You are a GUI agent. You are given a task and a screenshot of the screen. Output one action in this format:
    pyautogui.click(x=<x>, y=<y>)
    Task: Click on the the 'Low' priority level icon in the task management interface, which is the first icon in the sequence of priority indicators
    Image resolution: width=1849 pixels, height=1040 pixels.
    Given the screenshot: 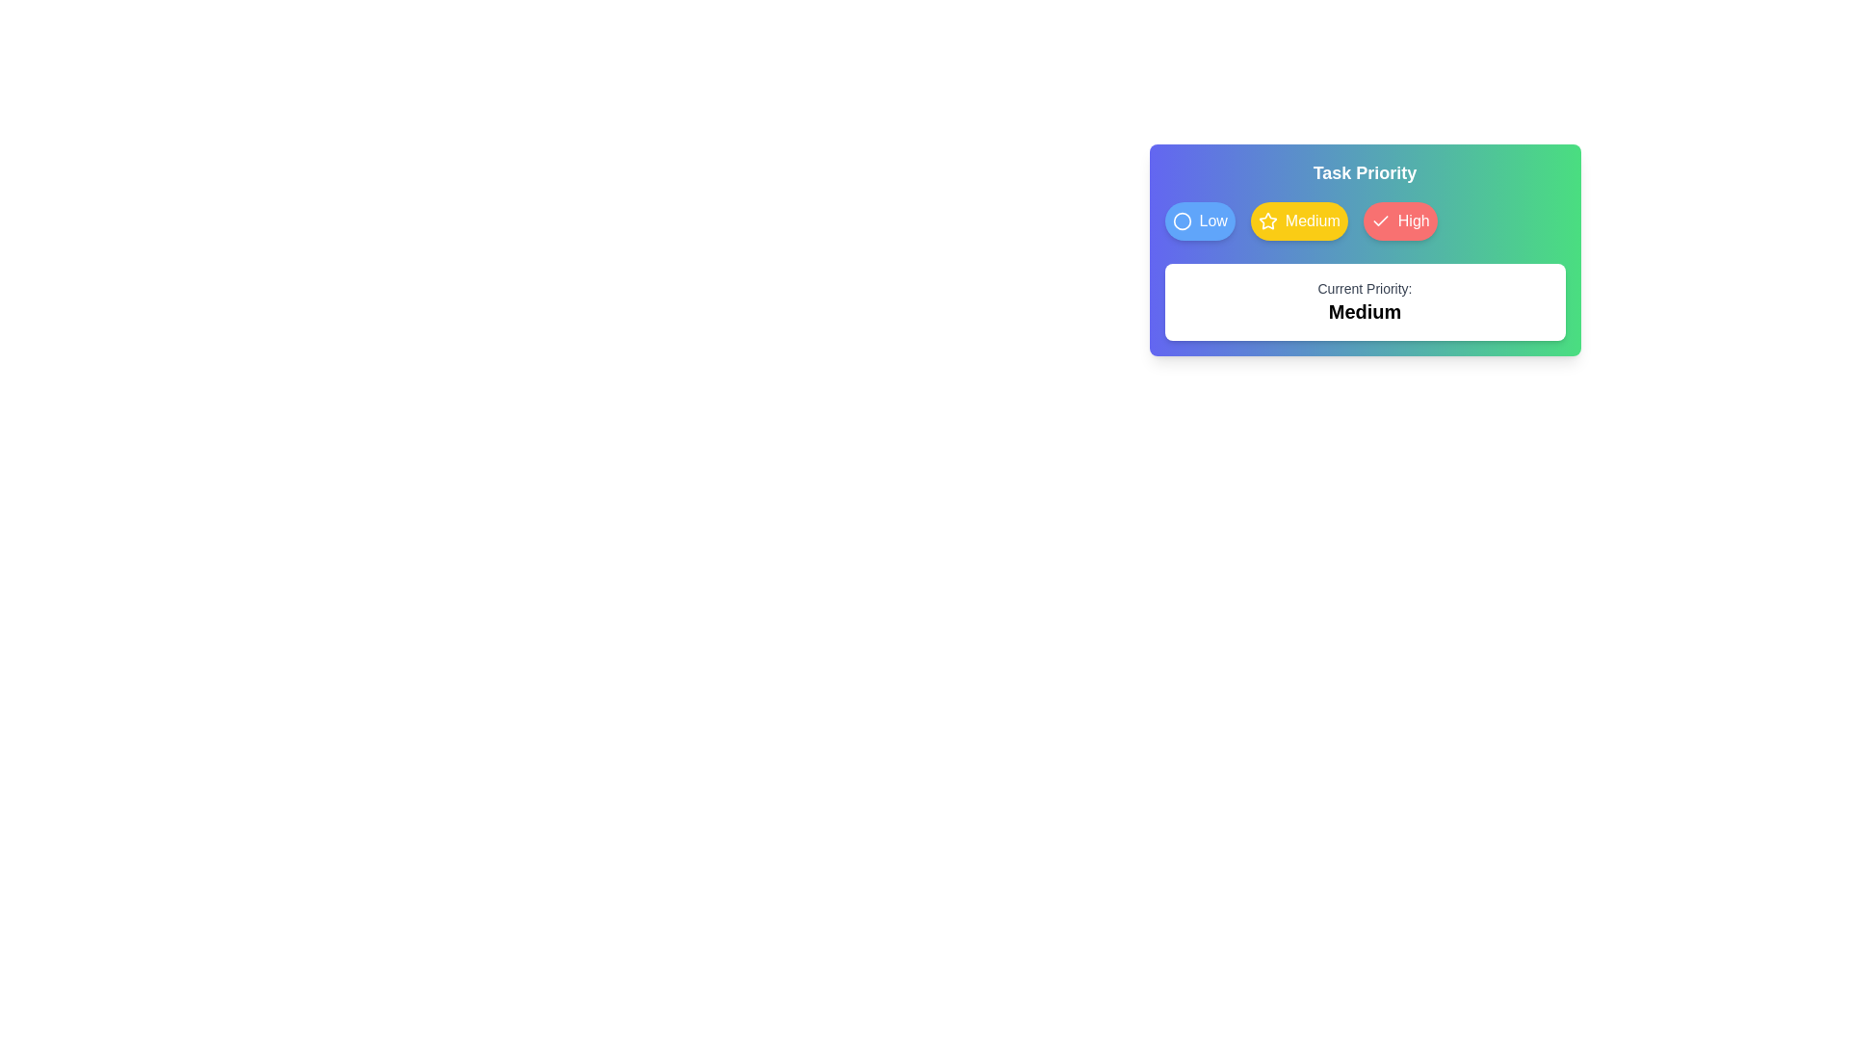 What is the action you would take?
    pyautogui.click(x=1181, y=221)
    